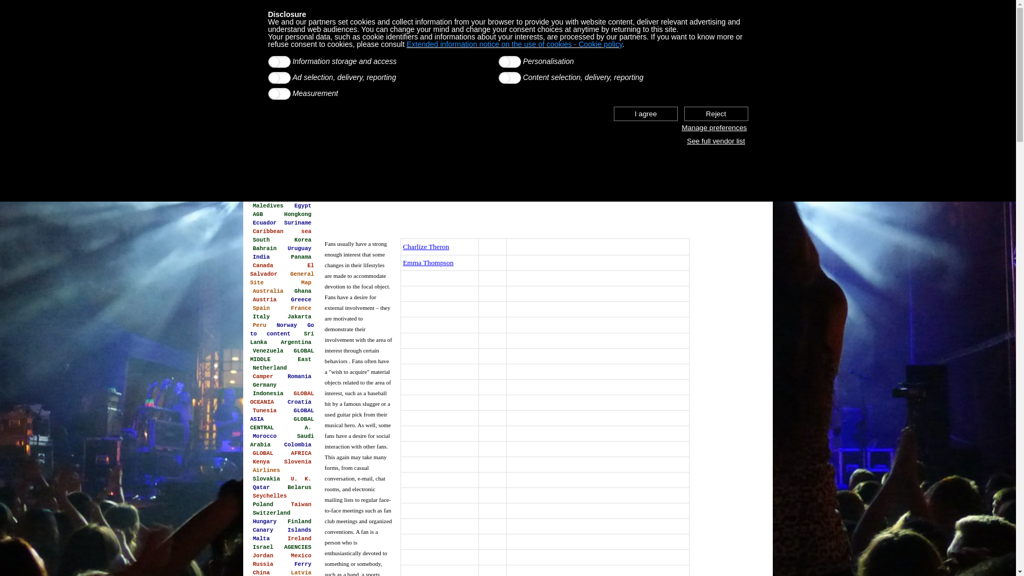  What do you see at coordinates (425, 246) in the screenshot?
I see `'Charlize Theron'` at bounding box center [425, 246].